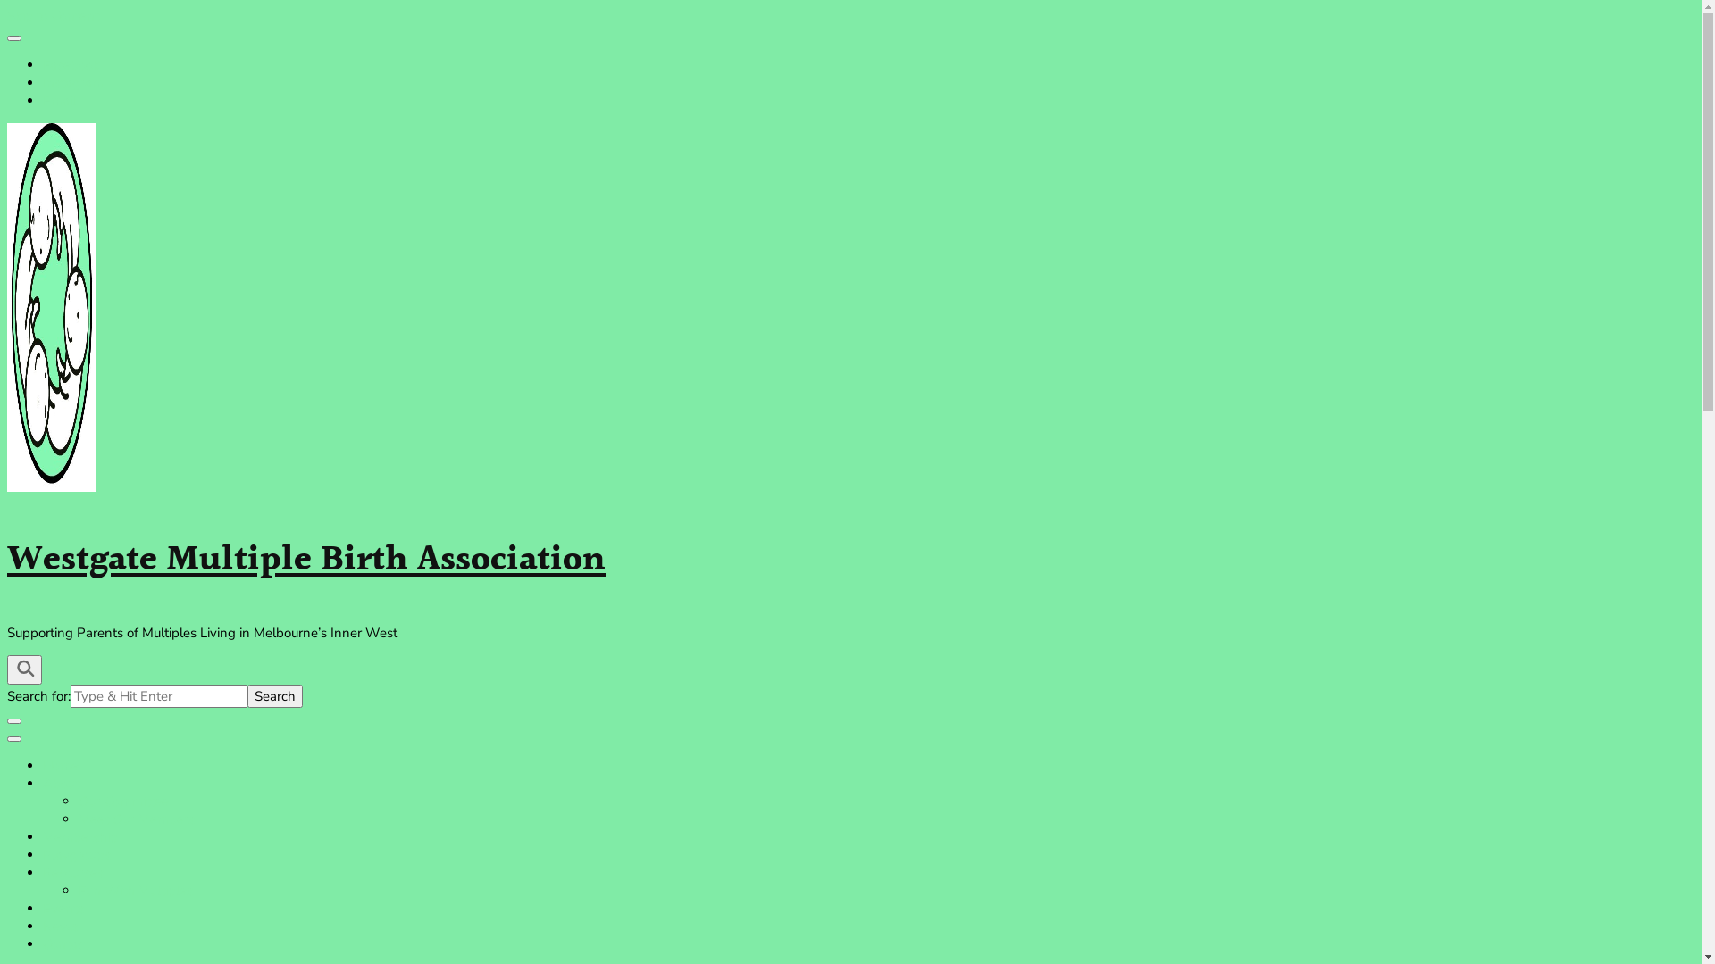 Image resolution: width=1715 pixels, height=964 pixels. Describe the element at coordinates (71, 82) in the screenshot. I see `'Instagram'` at that location.